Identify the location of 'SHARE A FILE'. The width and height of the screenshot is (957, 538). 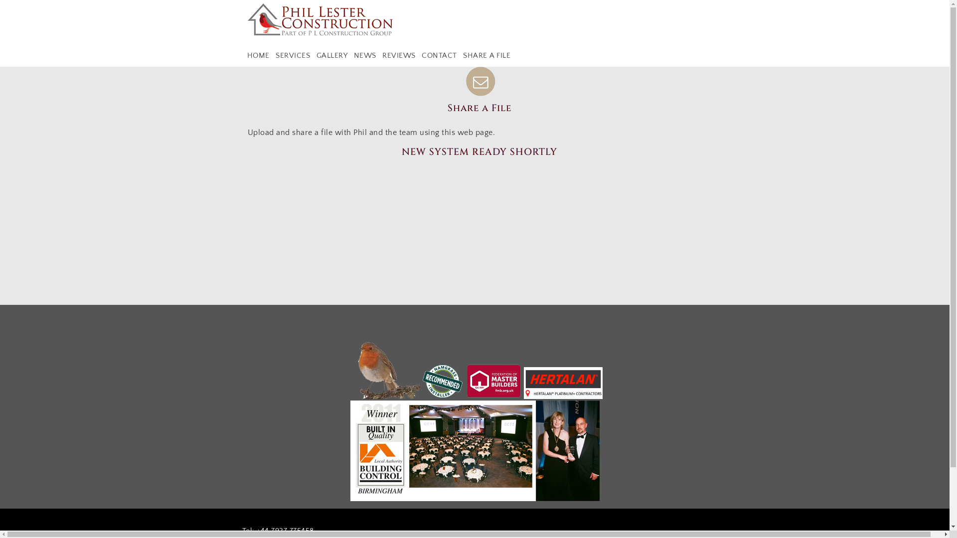
(461, 55).